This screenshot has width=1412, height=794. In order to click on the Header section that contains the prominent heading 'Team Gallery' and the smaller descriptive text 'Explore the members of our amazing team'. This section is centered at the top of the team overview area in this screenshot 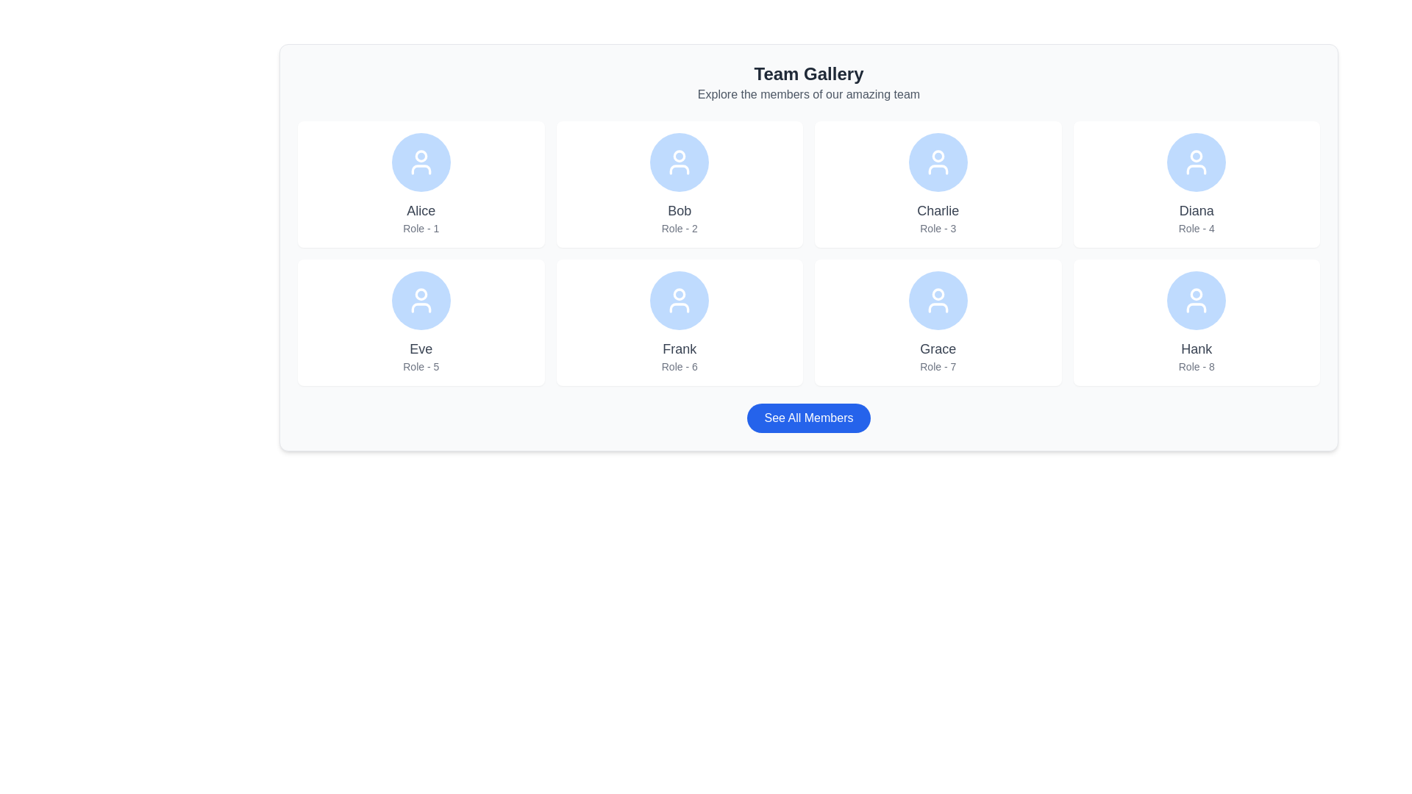, I will do `click(807, 82)`.